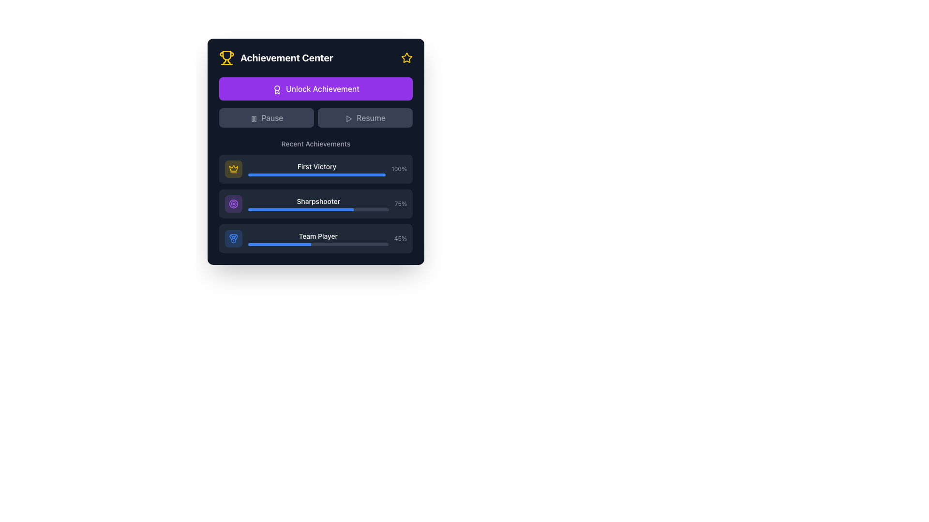 The image size is (929, 522). Describe the element at coordinates (401, 203) in the screenshot. I see `the text label displaying '75%' located to the far right of the 'Sharpshooter' progress bar` at that location.